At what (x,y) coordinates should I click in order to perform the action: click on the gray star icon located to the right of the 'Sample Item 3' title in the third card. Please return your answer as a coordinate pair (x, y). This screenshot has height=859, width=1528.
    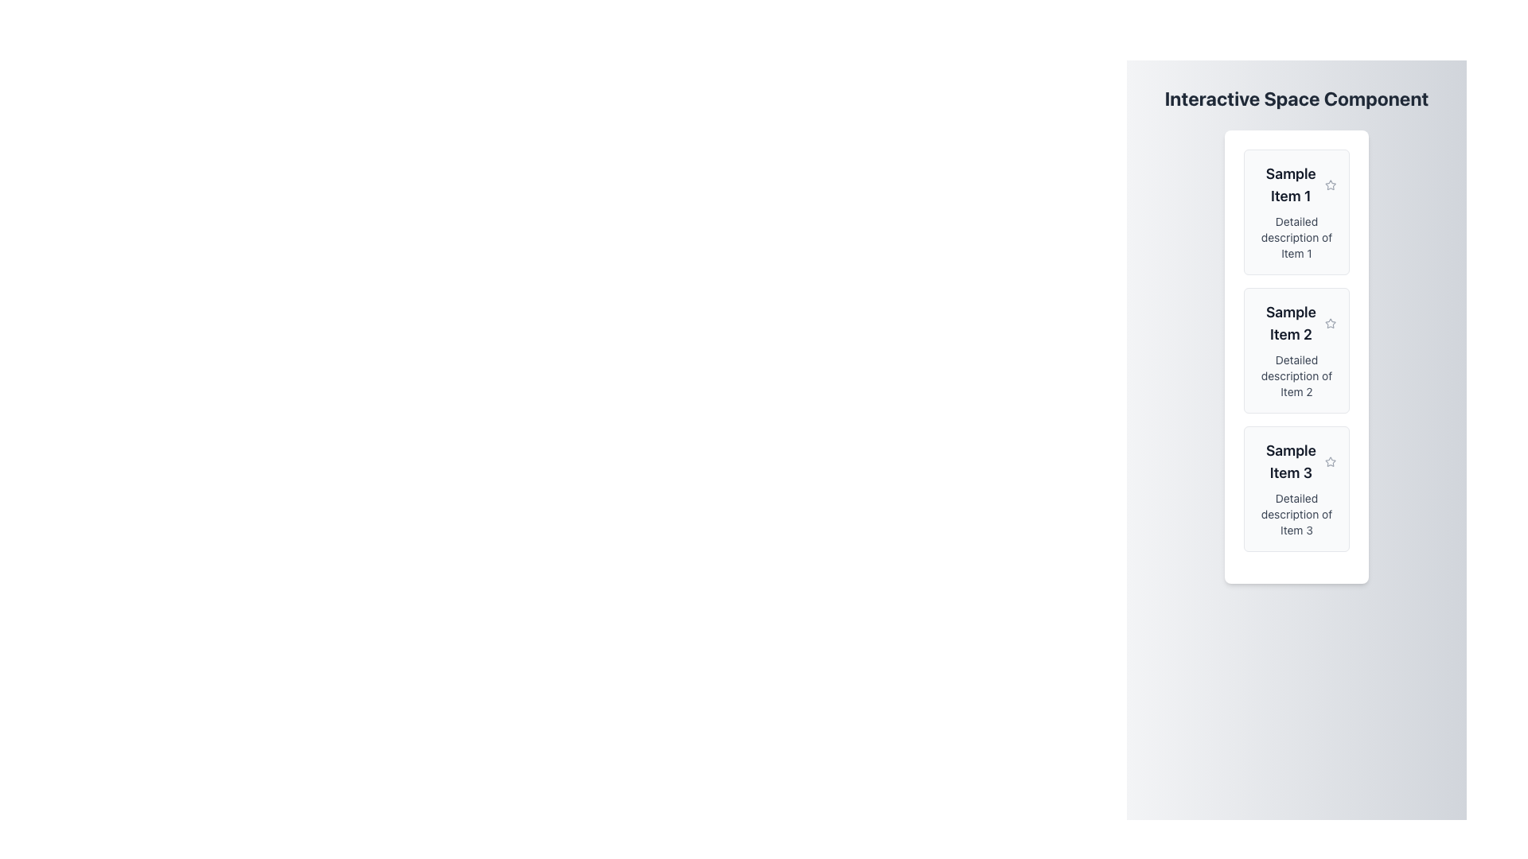
    Looking at the image, I should click on (1331, 461).